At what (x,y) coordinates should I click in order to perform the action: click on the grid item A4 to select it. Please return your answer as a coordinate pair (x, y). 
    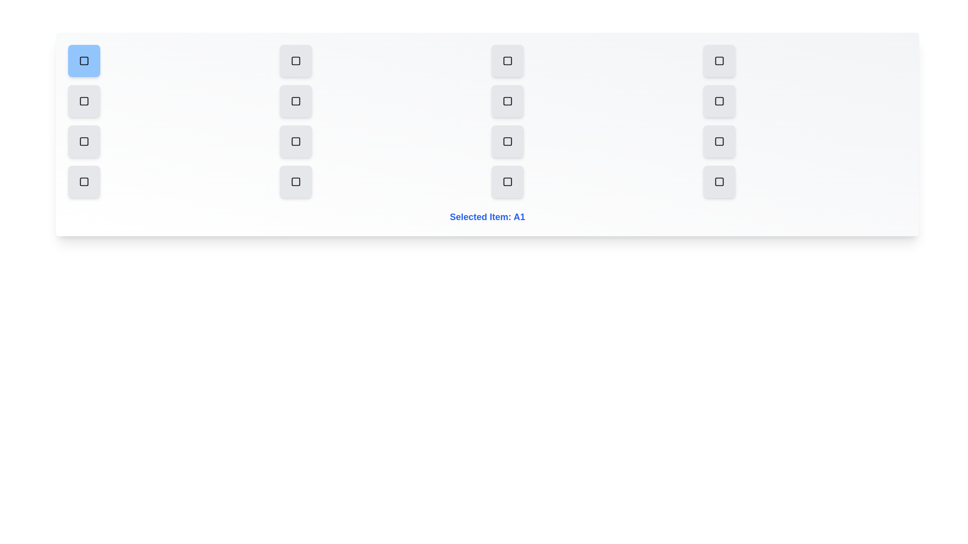
    Looking at the image, I should click on (718, 60).